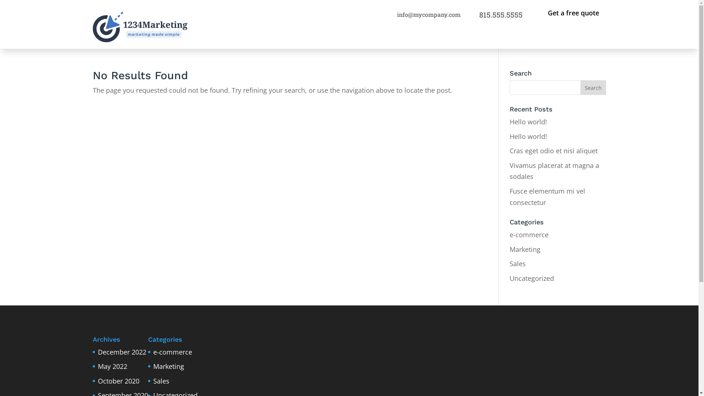 This screenshot has width=704, height=396. Describe the element at coordinates (140, 26) in the screenshot. I see `'logo'` at that location.